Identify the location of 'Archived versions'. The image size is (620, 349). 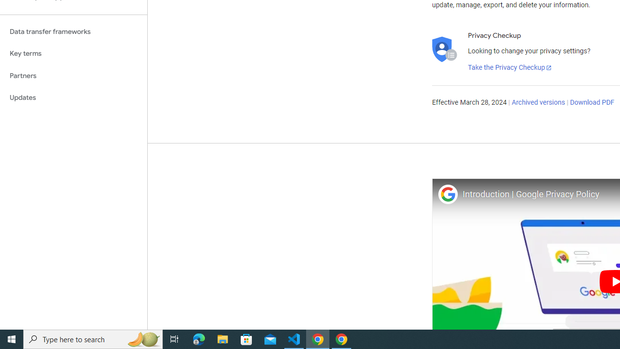
(538, 103).